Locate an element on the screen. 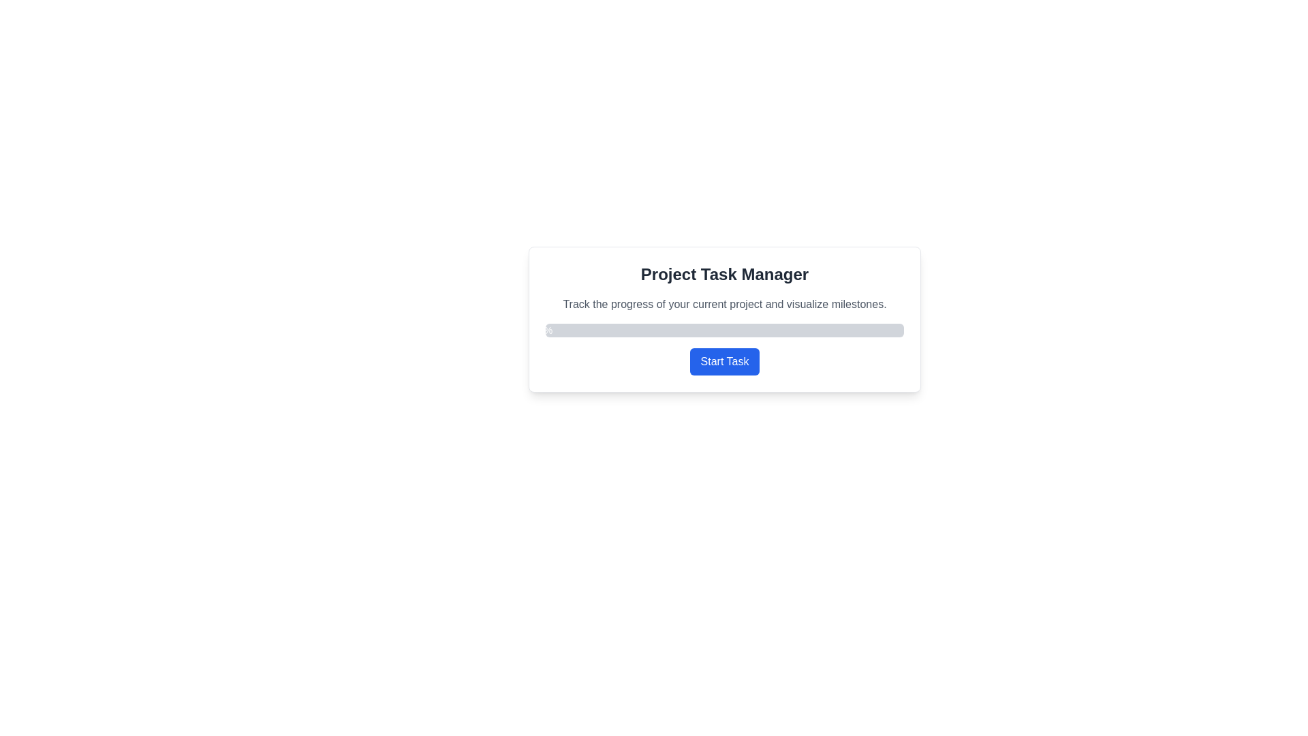 This screenshot has width=1308, height=736. the progress bar that visually displays progress in percentage, located below the text 'Track the progress of your current project and visualize milestones.' and above the 'Start Task' button is located at coordinates (724, 331).